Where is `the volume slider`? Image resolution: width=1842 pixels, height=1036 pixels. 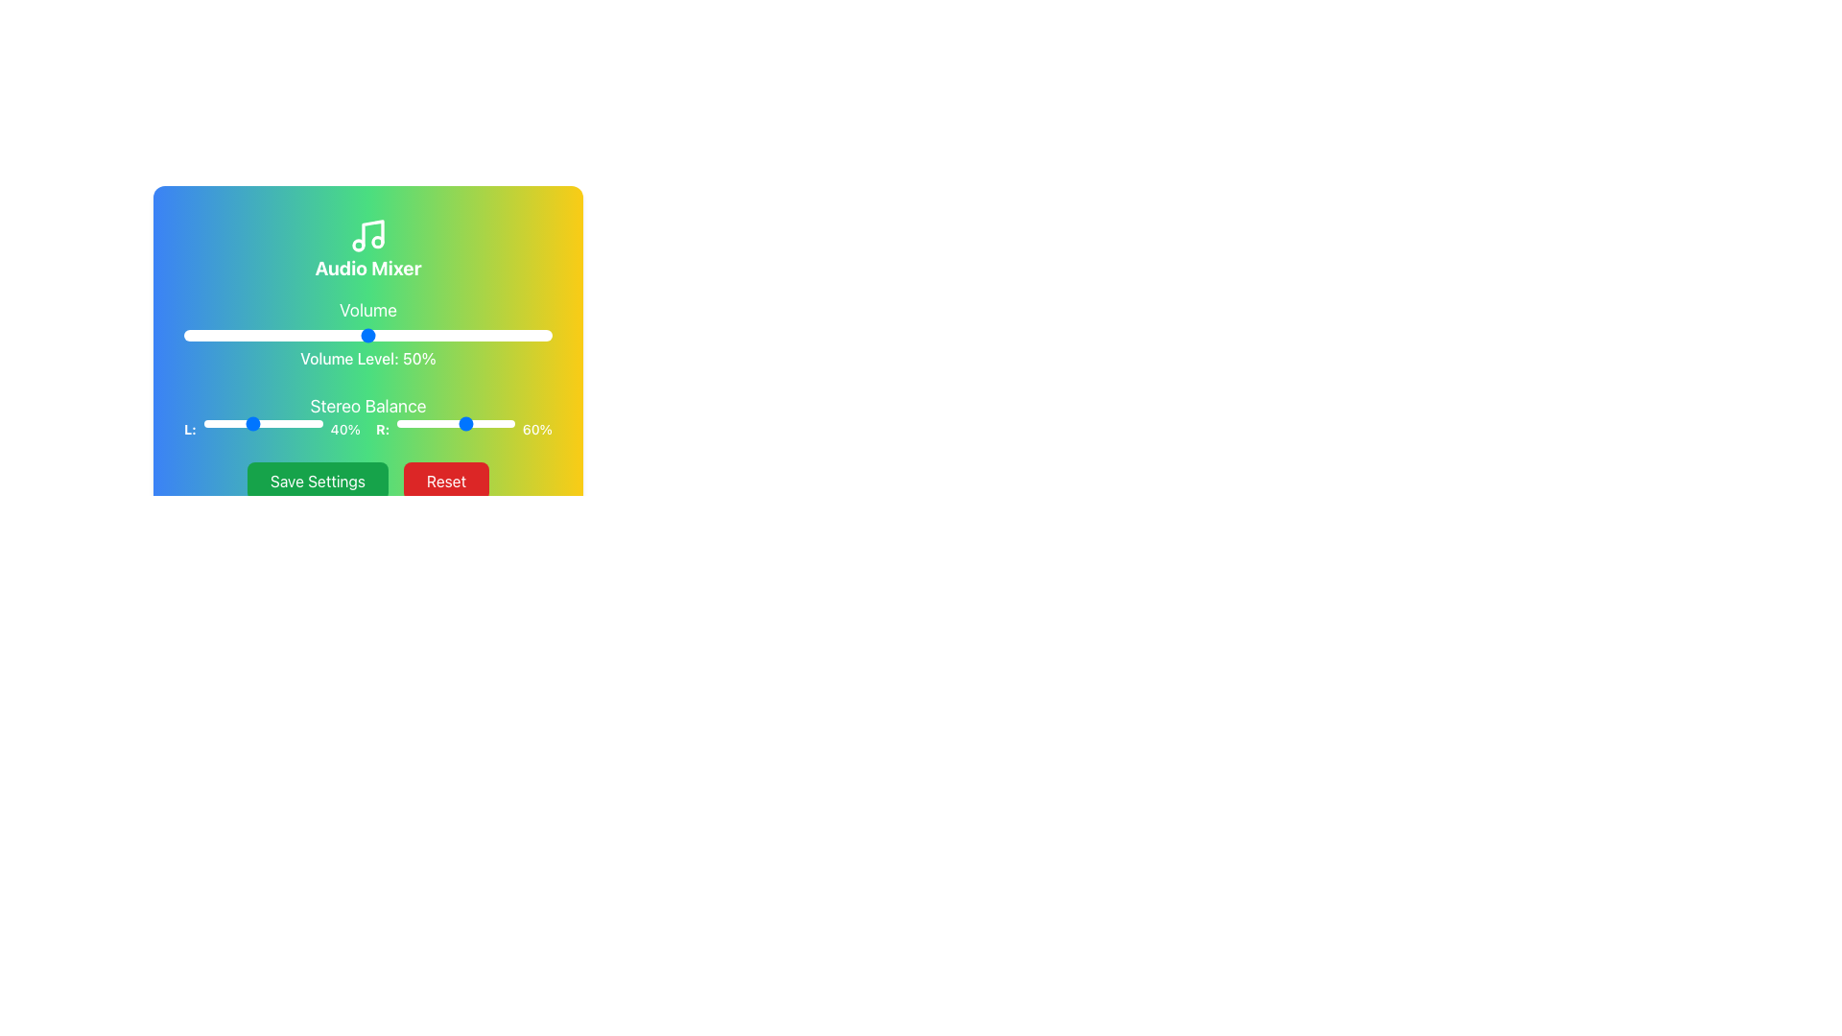
the volume slider is located at coordinates (548, 335).